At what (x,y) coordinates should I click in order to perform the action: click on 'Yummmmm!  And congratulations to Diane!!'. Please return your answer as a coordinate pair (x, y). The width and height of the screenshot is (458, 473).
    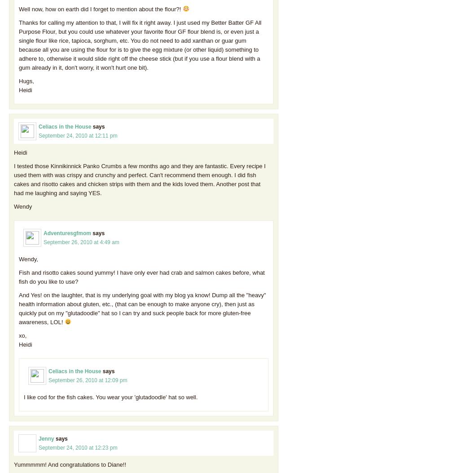
    Looking at the image, I should click on (70, 464).